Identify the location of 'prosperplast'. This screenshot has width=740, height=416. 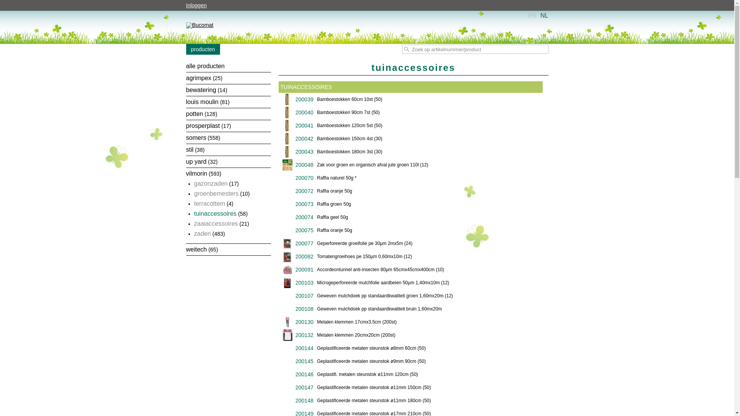
(203, 125).